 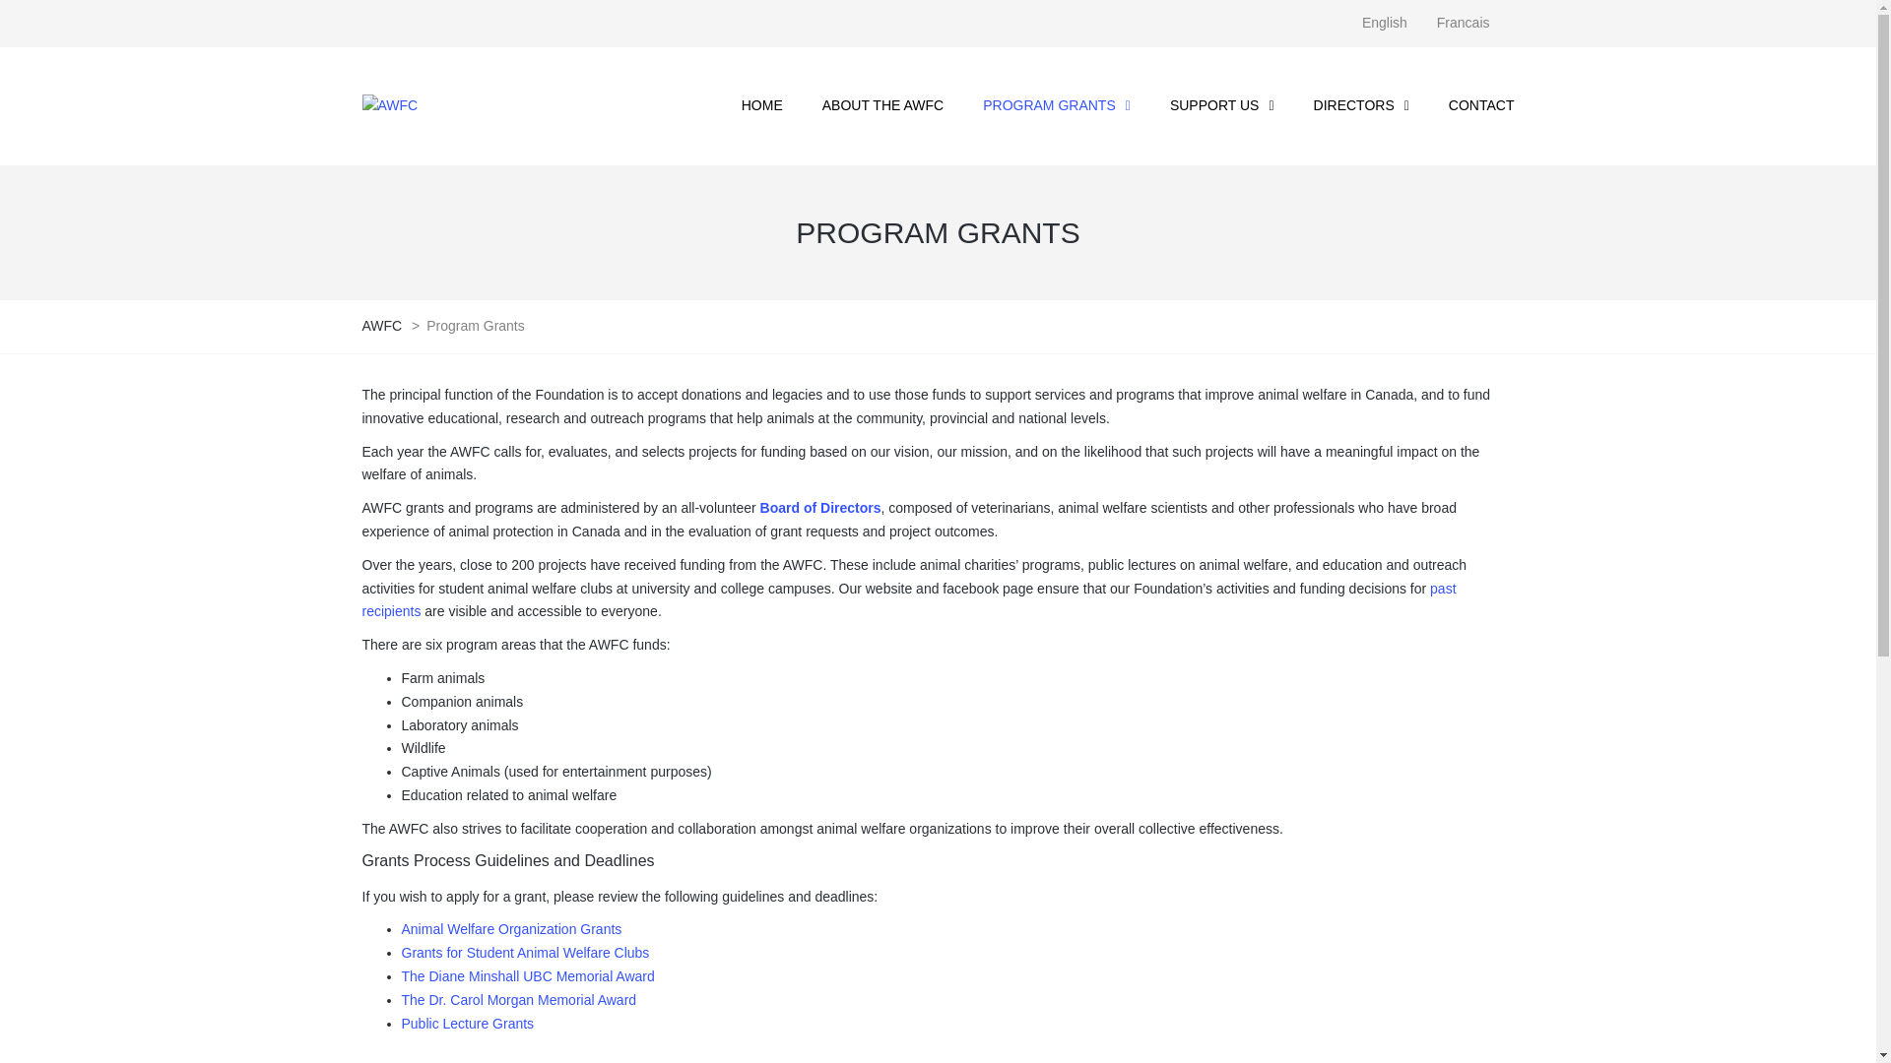 I want to click on 'Francais', so click(x=1464, y=23).